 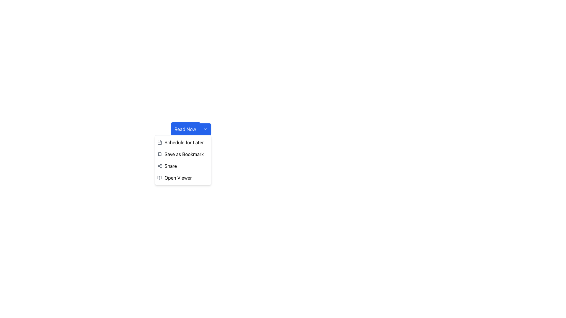 I want to click on the second option in the dropdown list under the blue 'Read Now' button, which allows users to bookmark content for later access, so click(x=183, y=160).